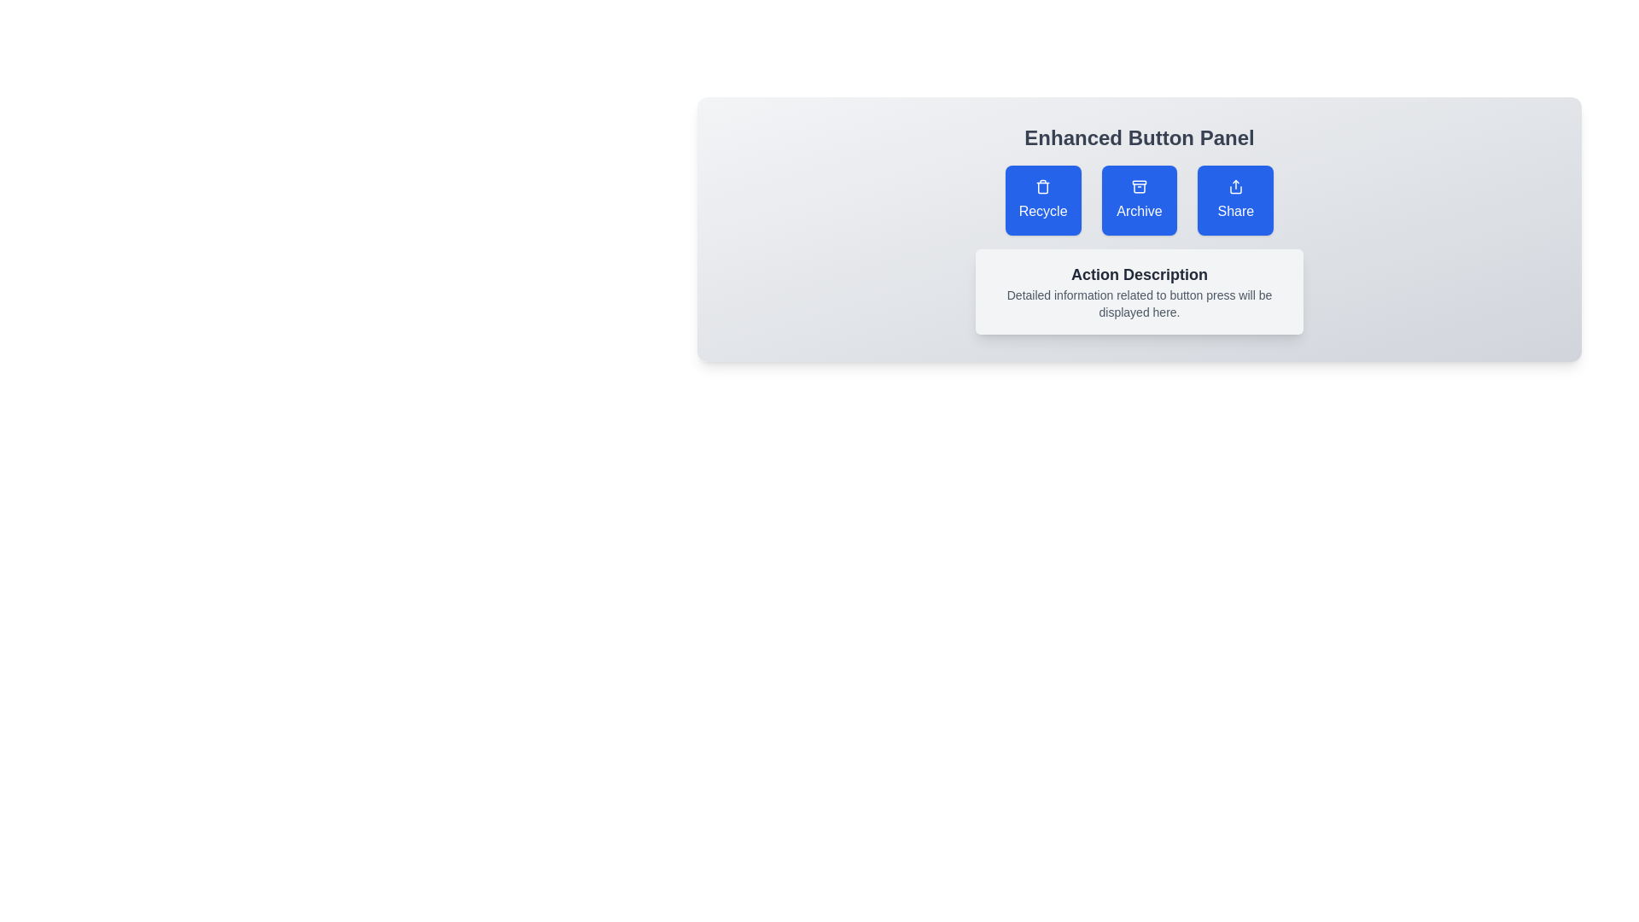 The height and width of the screenshot is (922, 1639). I want to click on the 'Recycle' icon located in the 'Recycle' button, which is the leftmost of three buttons aligned horizontally, so click(1042, 187).